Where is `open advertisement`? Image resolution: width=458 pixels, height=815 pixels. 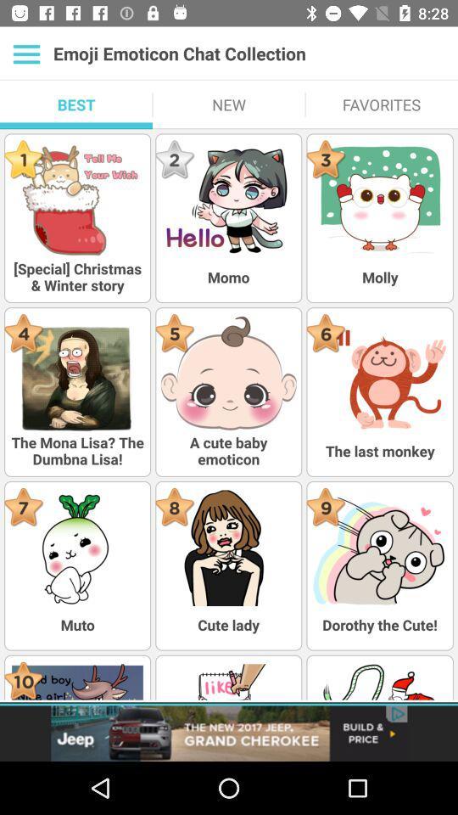
open advertisement is located at coordinates (229, 733).